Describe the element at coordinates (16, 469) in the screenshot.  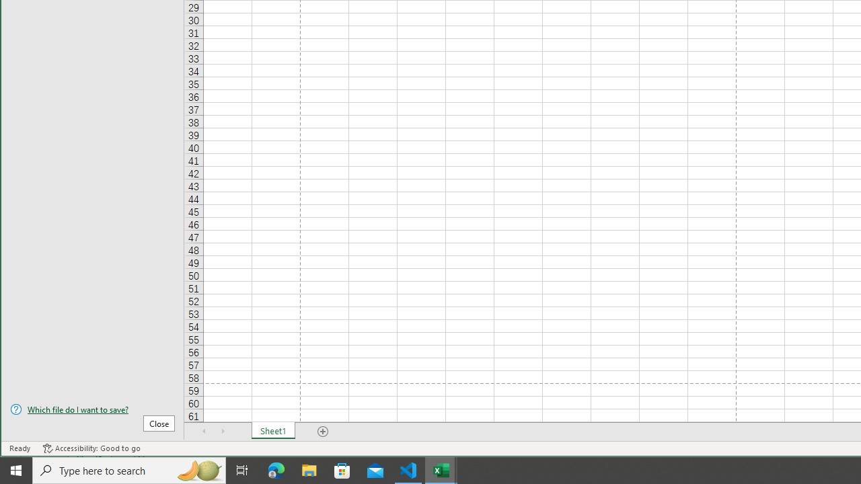
I see `'Start'` at that location.